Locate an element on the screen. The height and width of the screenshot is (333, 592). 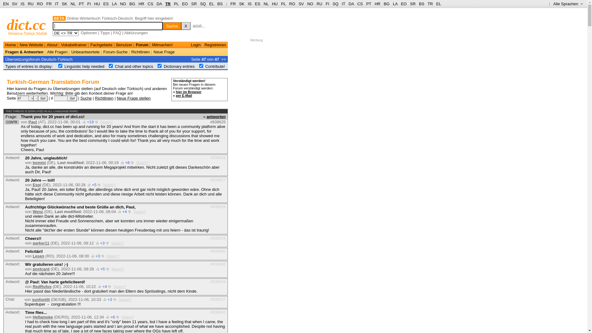
'postcard' is located at coordinates (41, 269).